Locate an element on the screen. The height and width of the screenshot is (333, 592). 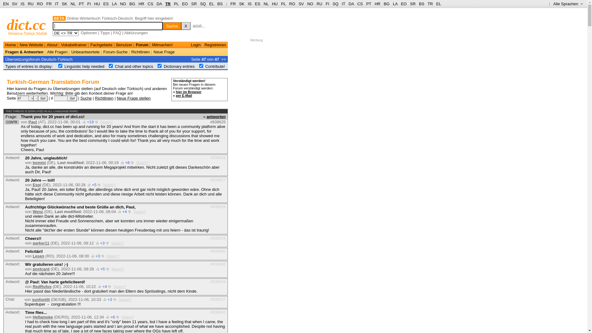
'postcard' is located at coordinates (41, 269).